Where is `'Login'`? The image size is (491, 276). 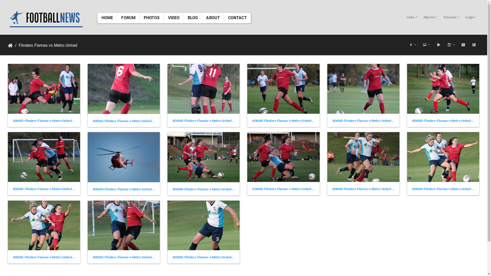
'Login' is located at coordinates (471, 17).